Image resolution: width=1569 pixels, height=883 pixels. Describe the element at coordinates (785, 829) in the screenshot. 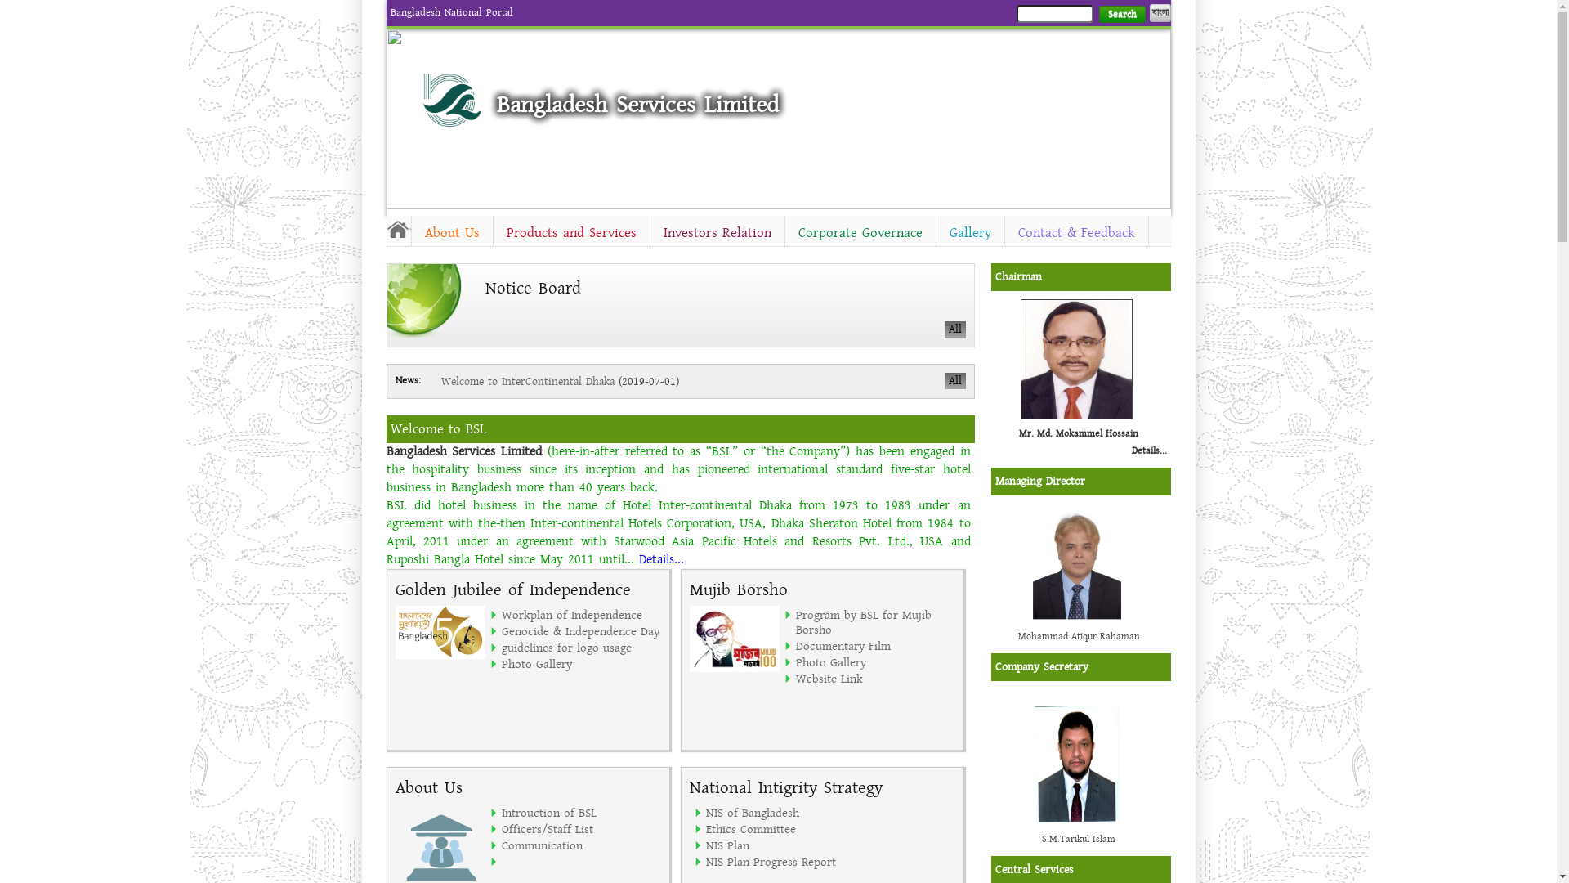

I see `'Ethics Committee'` at that location.